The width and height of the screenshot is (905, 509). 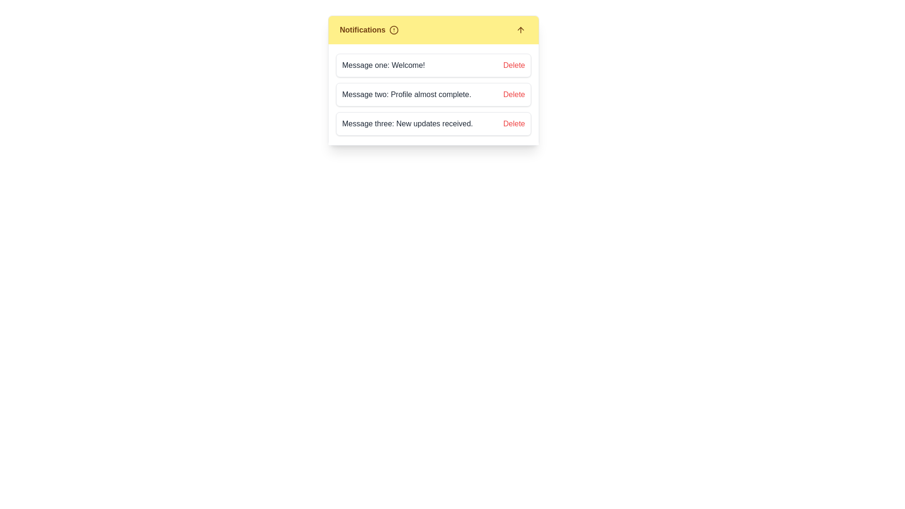 I want to click on the circular button with a yellow background and downward arrow icon located in the top-right corner of the 'Notifications' header for keyboard accessibility, so click(x=520, y=30).